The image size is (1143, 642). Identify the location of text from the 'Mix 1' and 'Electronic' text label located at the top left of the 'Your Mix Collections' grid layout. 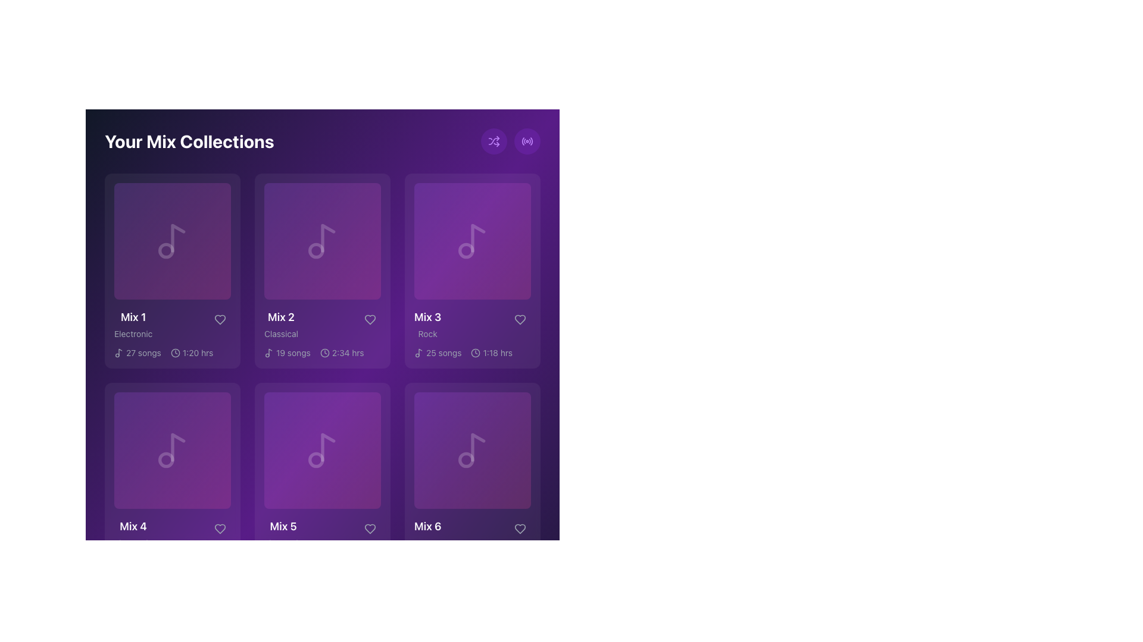
(133, 325).